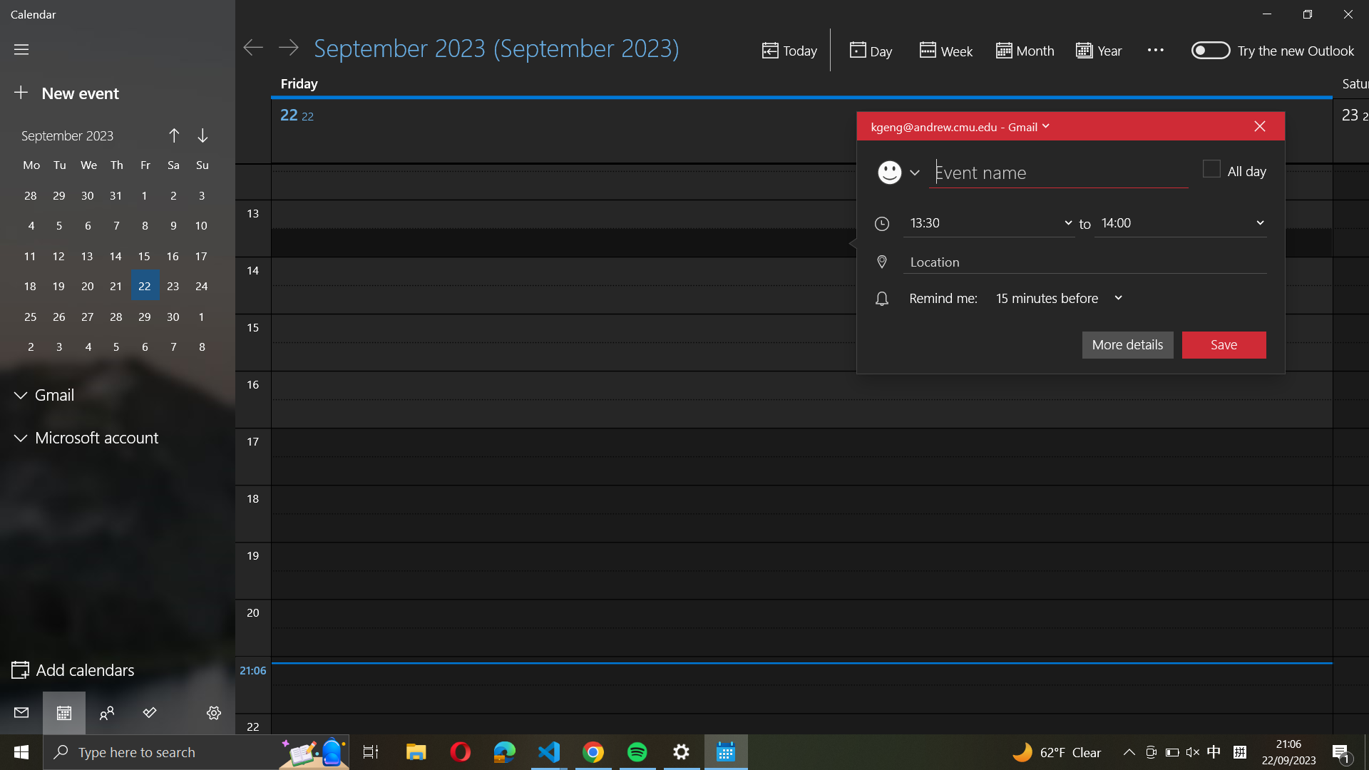 This screenshot has width=1369, height=770. I want to click on Terminate the ongoing event, so click(1259, 125).